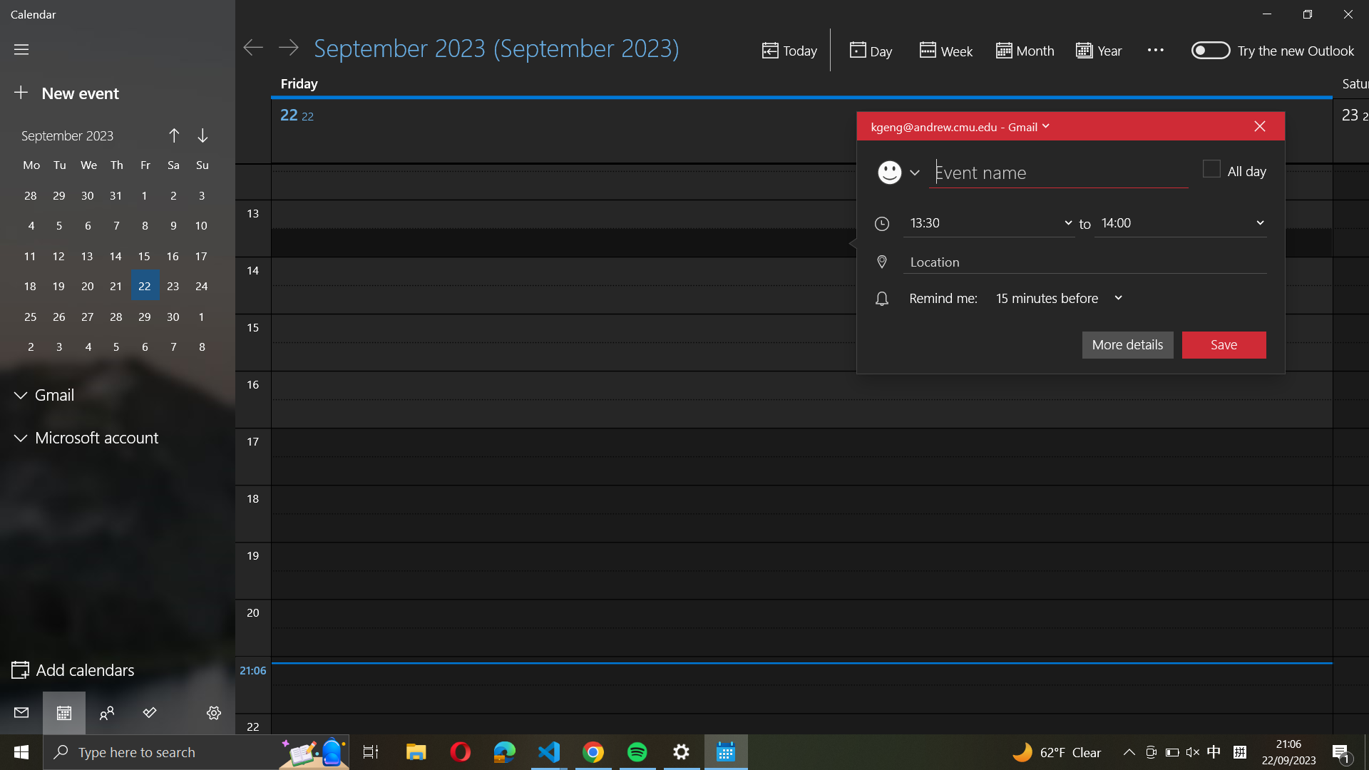 This screenshot has width=1369, height=770. I want to click on Terminate the ongoing event, so click(1259, 125).